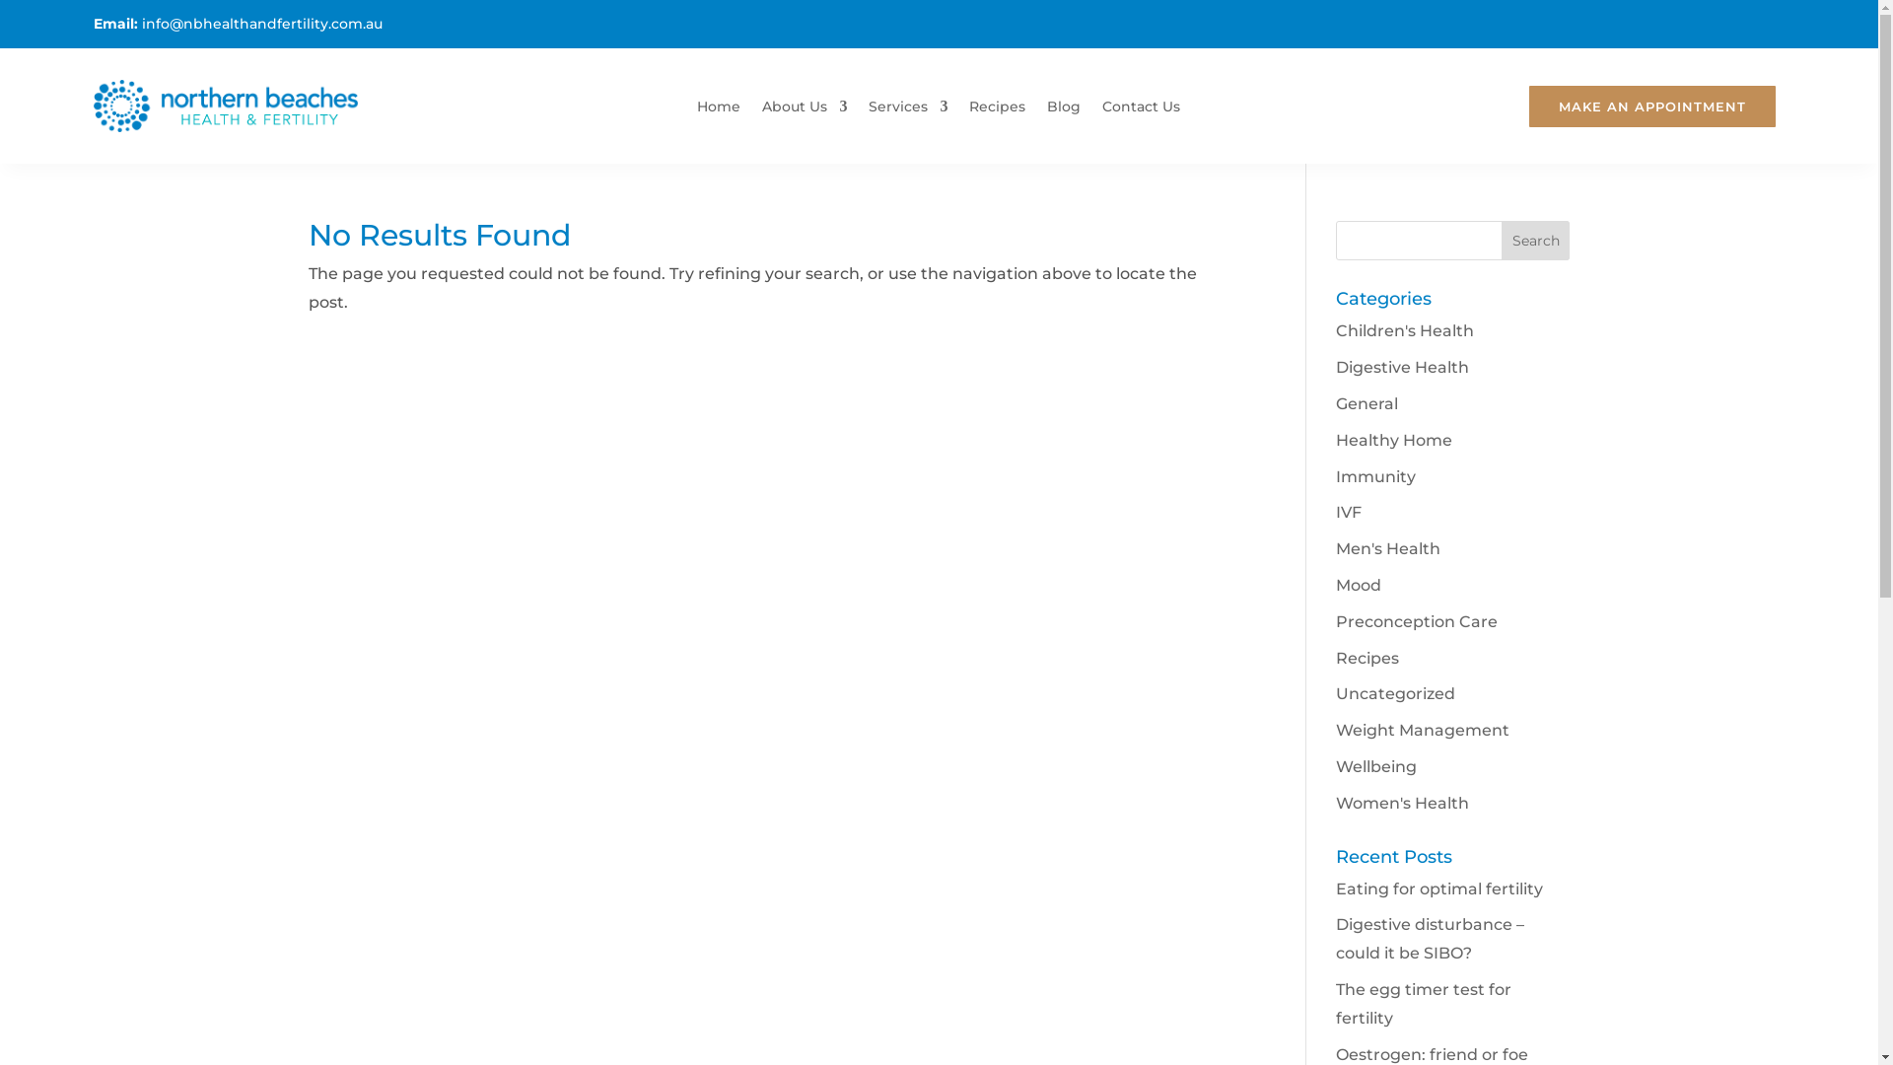 This screenshot has height=1065, width=1893. I want to click on 'Recipes', so click(997, 109).